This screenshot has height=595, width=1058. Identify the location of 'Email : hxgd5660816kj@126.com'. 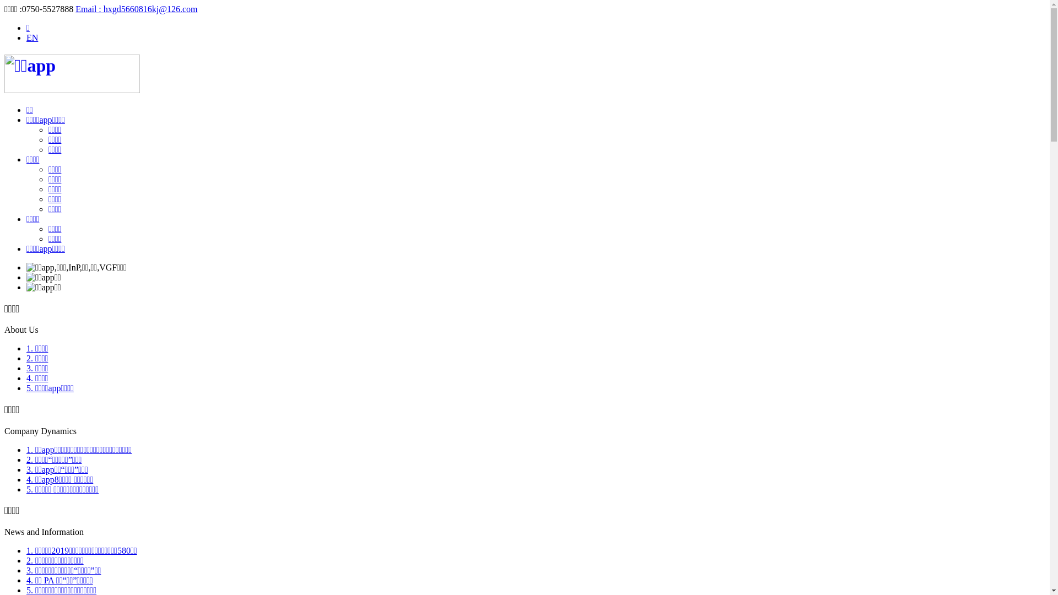
(75, 9).